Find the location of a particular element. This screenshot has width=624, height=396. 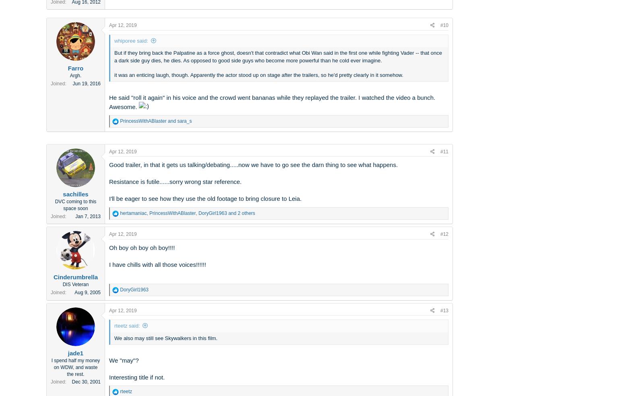

'I'll be eager to see how they use the old footage to bring closure to Leia.' is located at coordinates (109, 198).